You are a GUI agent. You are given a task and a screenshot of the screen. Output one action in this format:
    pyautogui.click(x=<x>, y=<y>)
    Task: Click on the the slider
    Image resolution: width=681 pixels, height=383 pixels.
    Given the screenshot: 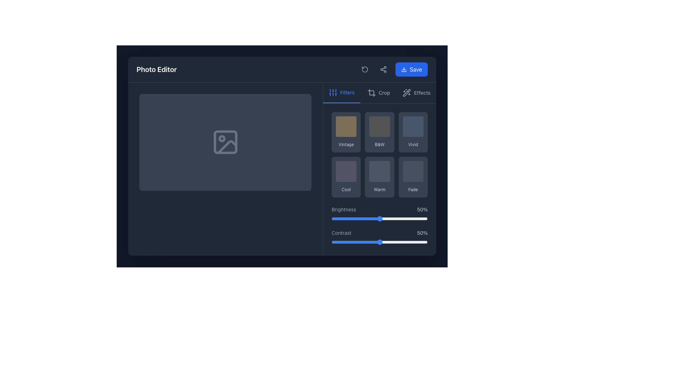 What is the action you would take?
    pyautogui.click(x=363, y=218)
    